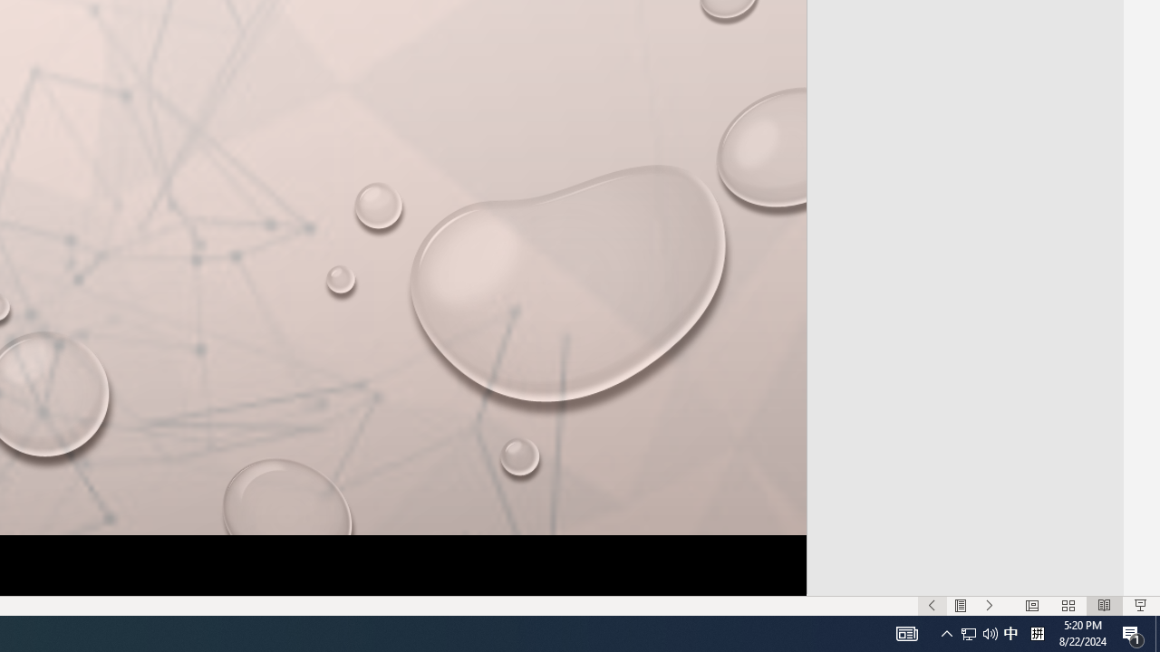  I want to click on 'Slide Show Next On', so click(989, 606).